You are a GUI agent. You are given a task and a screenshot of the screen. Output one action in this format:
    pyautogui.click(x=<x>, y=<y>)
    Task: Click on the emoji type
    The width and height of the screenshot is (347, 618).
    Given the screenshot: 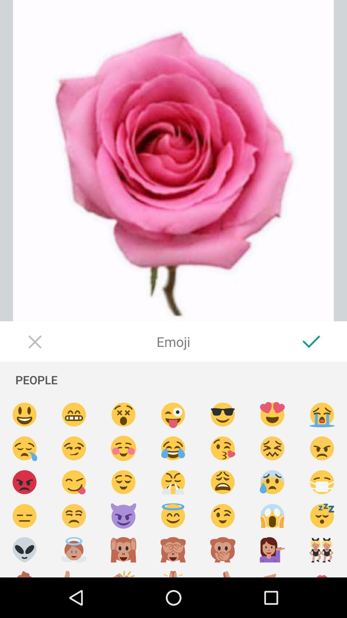 What is the action you would take?
    pyautogui.click(x=173, y=572)
    